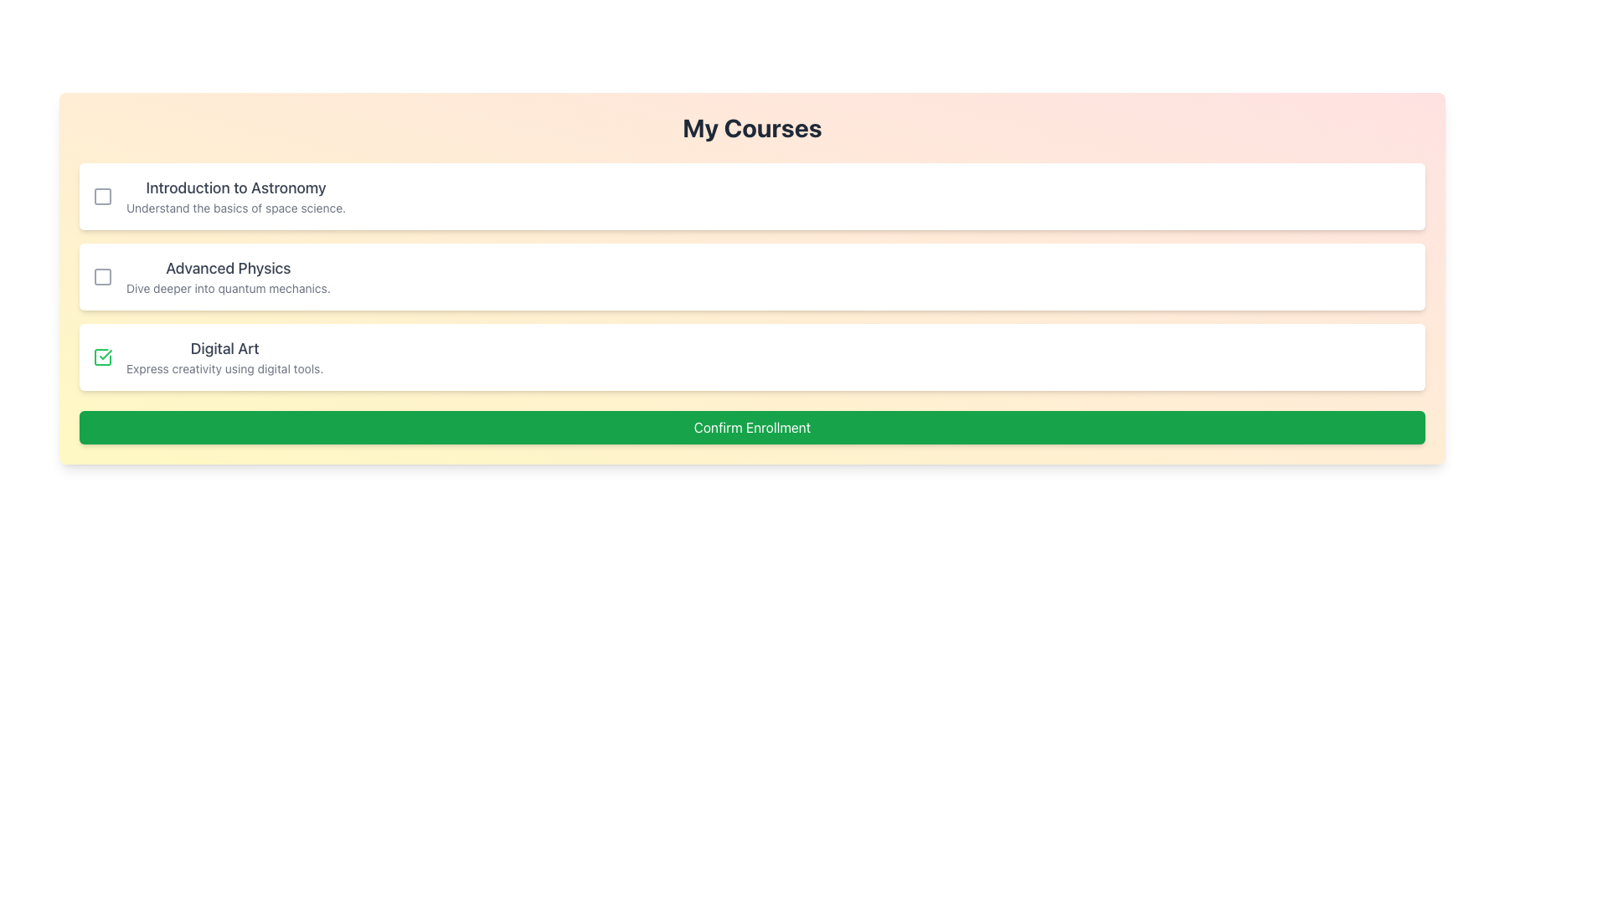  I want to click on the text label displaying 'Introduction to Astronomy' which is styled with a larger font size and medium weight, located at the topmost section of a vertical list of selectable courses, so click(235, 187).